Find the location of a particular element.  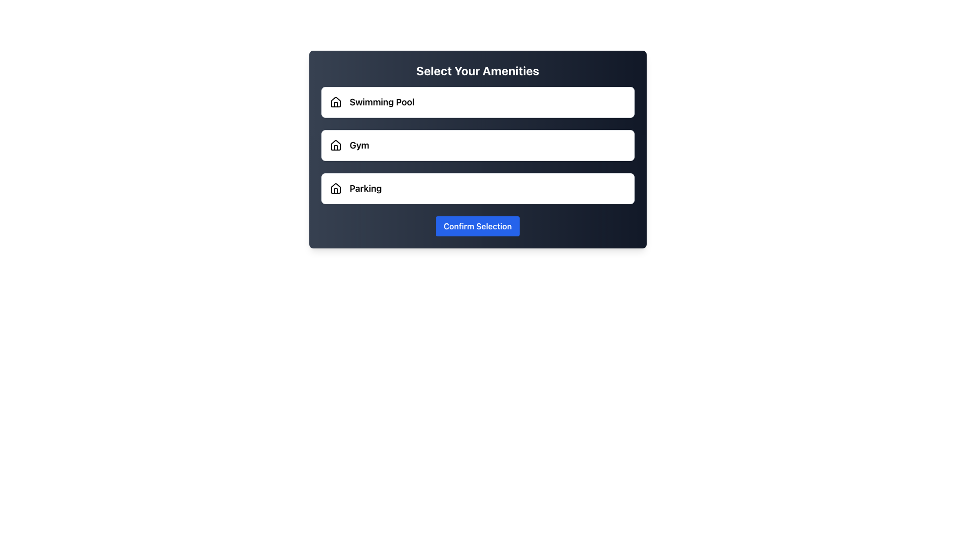

the house icon located to the left of the text 'Swimming Pool' under the title 'Select Your Amenities' is located at coordinates (335, 102).